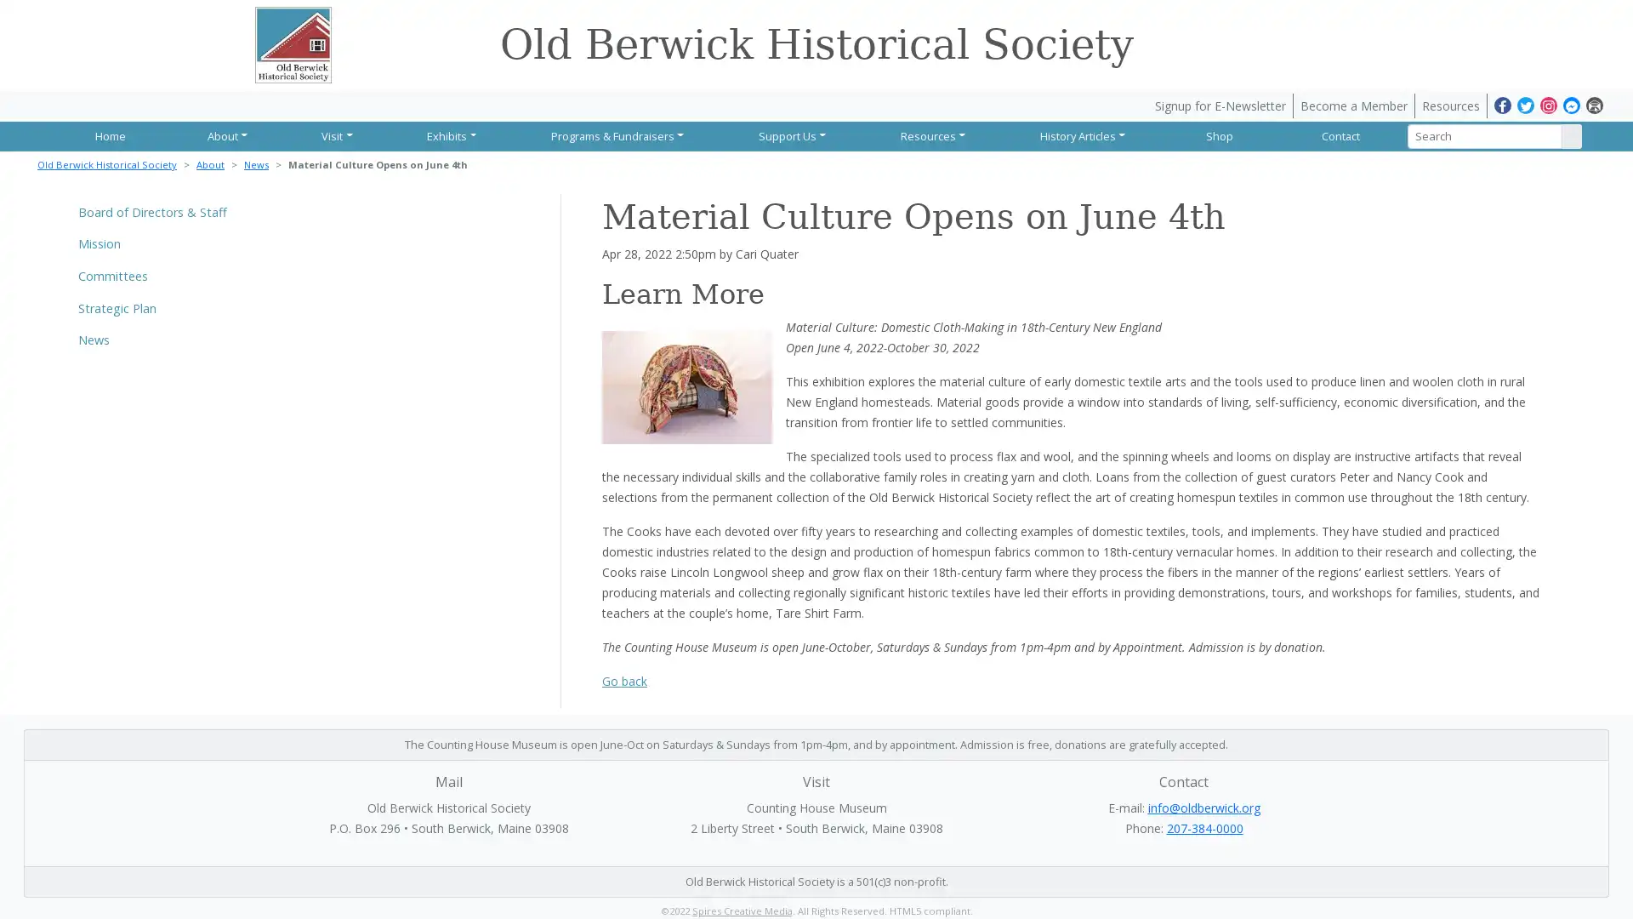 This screenshot has height=919, width=1633. Describe the element at coordinates (614, 134) in the screenshot. I see `Programs & Fundraisers` at that location.